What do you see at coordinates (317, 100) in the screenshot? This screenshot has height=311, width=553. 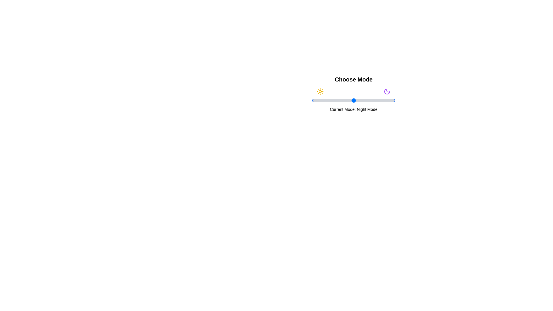 I see `the slider to 6% to set the mode` at bounding box center [317, 100].